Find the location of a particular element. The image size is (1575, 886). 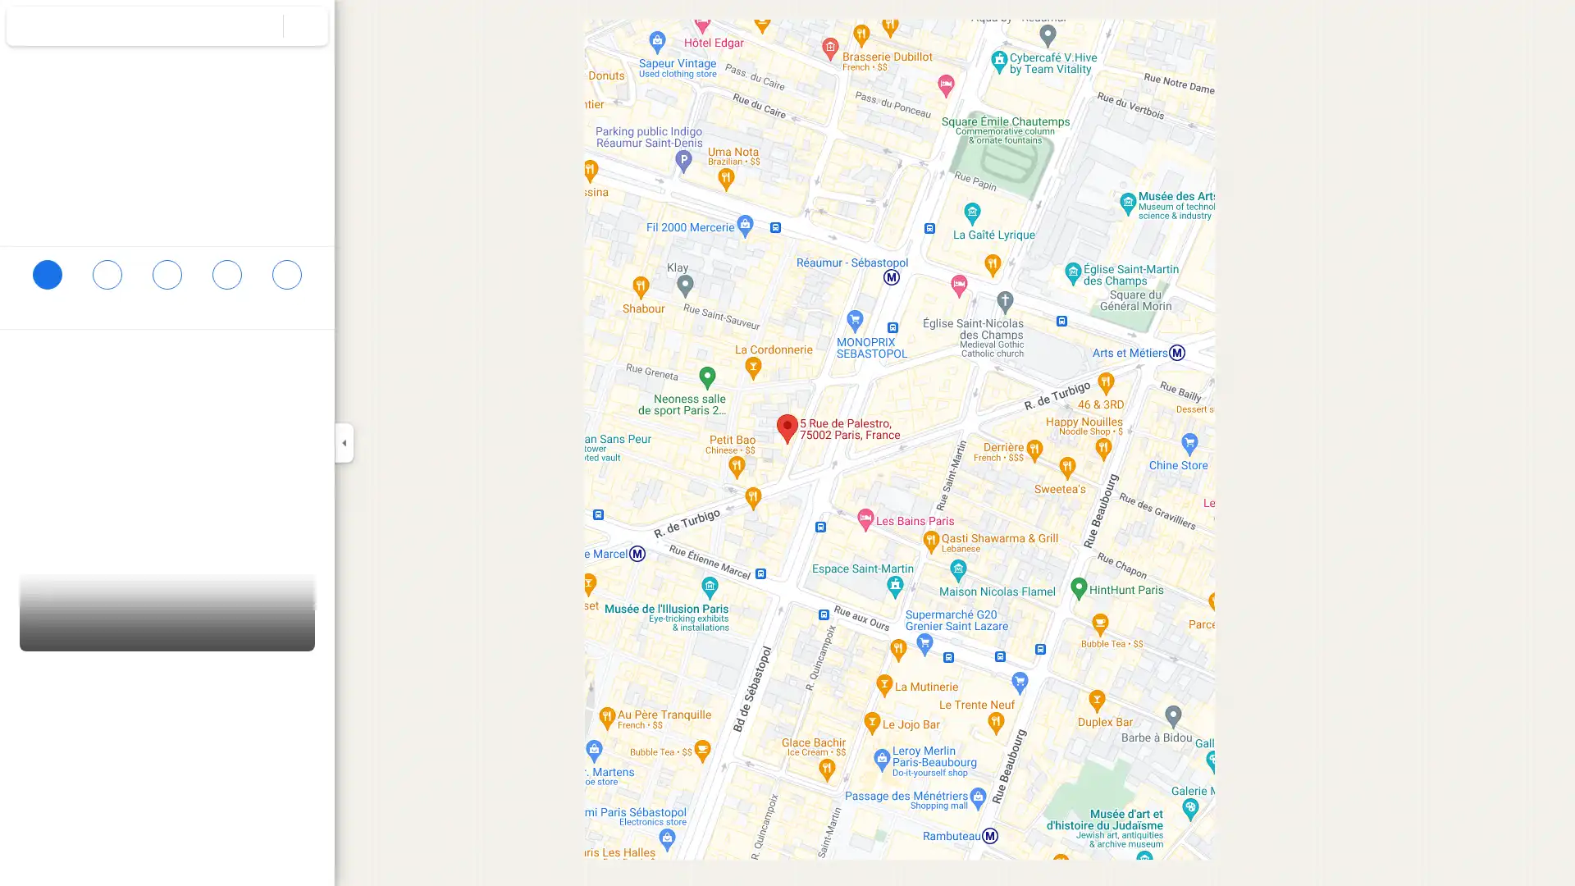

Save 5 Rue de Palestro in your lists is located at coordinates (106, 281).